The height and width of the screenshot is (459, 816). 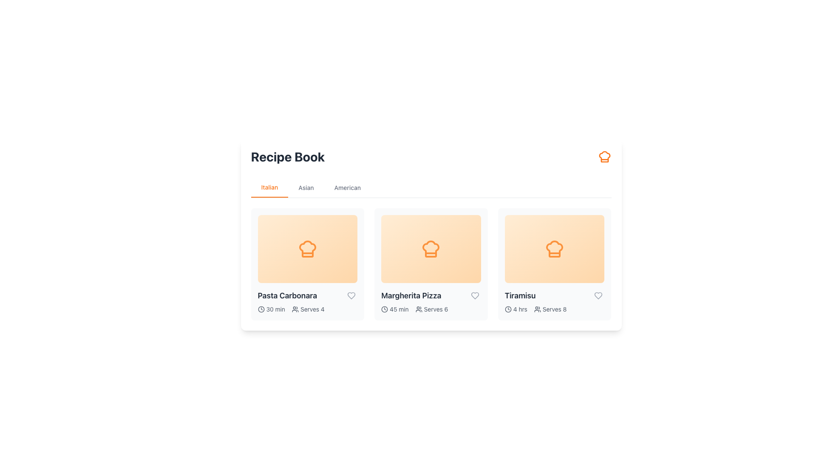 What do you see at coordinates (411, 295) in the screenshot?
I see `text of the Text Label that identifies the product as 'Margherita Pizza', located in the middle column below the orange chef icon` at bounding box center [411, 295].